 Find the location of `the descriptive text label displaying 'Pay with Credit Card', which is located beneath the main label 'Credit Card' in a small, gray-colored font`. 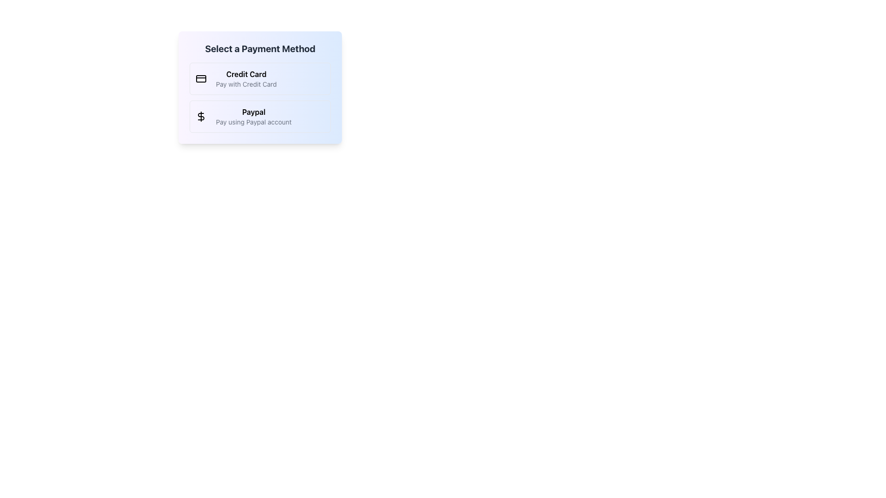

the descriptive text label displaying 'Pay with Credit Card', which is located beneath the main label 'Credit Card' in a small, gray-colored font is located at coordinates (246, 84).